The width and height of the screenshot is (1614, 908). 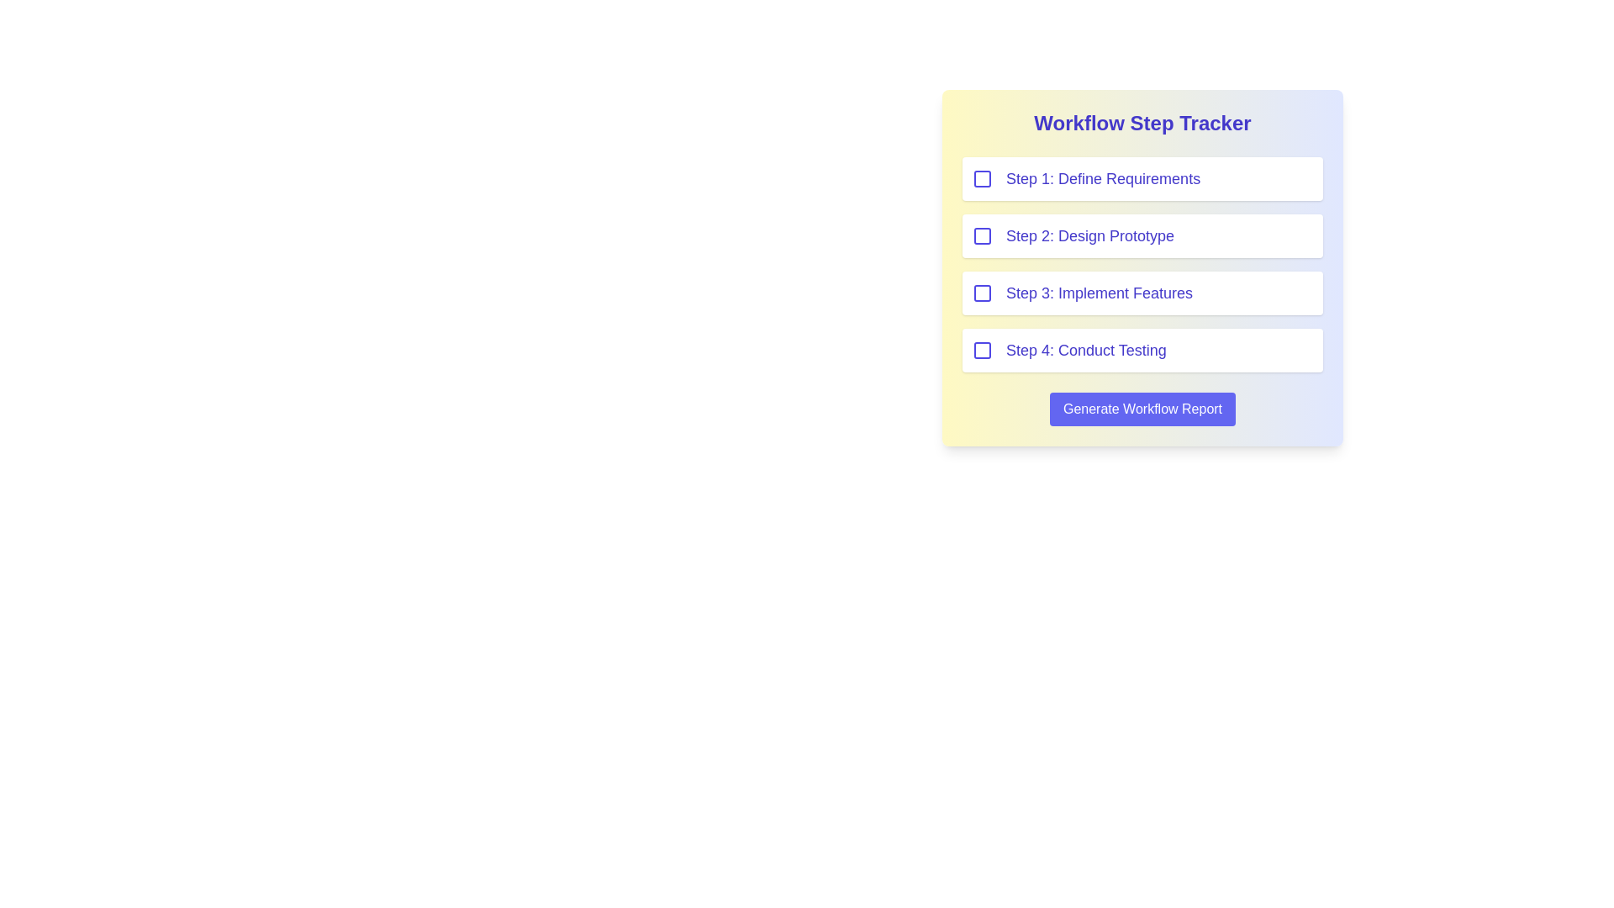 I want to click on the text label displaying 'Step 1: Define Requirements' which is styled with a large indigo font and is the first step in the Workflow Step Tracker panel, so click(x=1103, y=178).